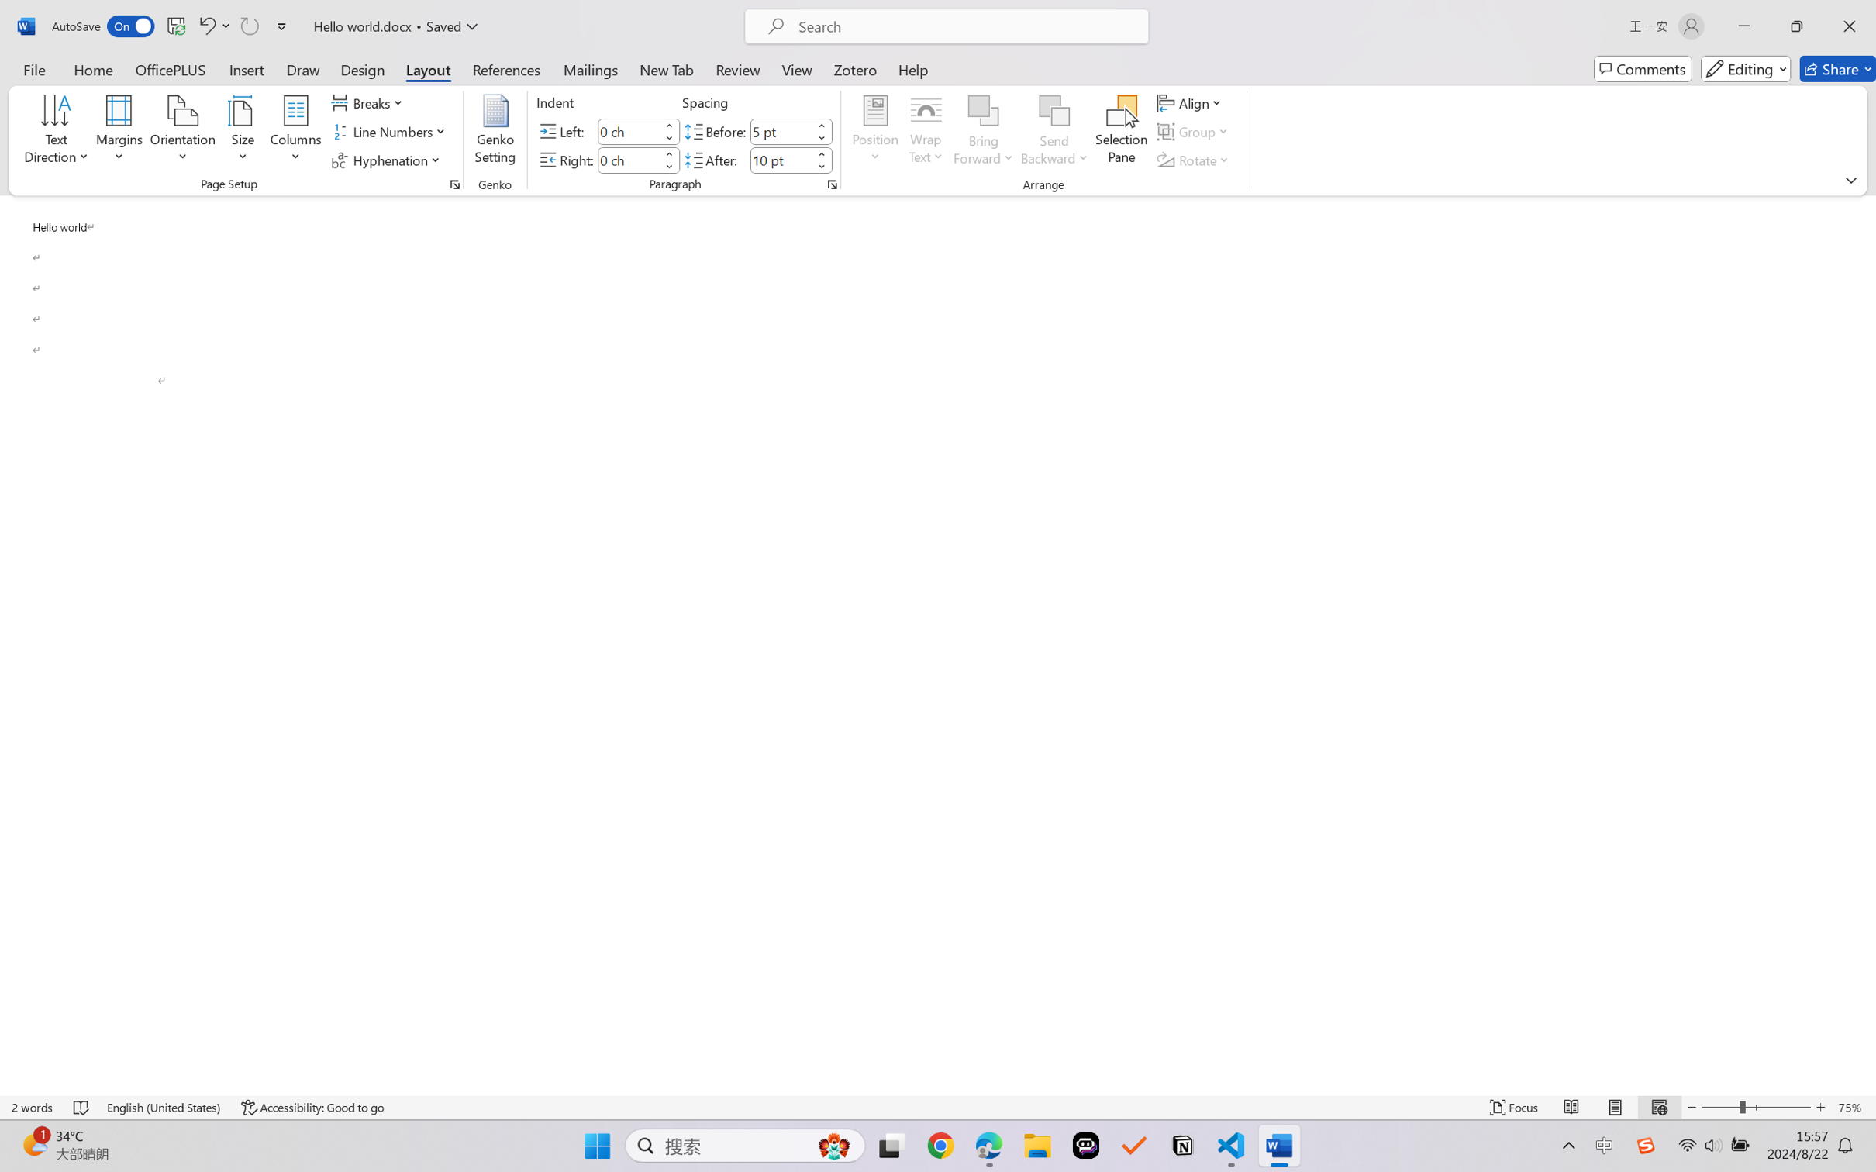  What do you see at coordinates (212, 26) in the screenshot?
I see `'Undo Subscript'` at bounding box center [212, 26].